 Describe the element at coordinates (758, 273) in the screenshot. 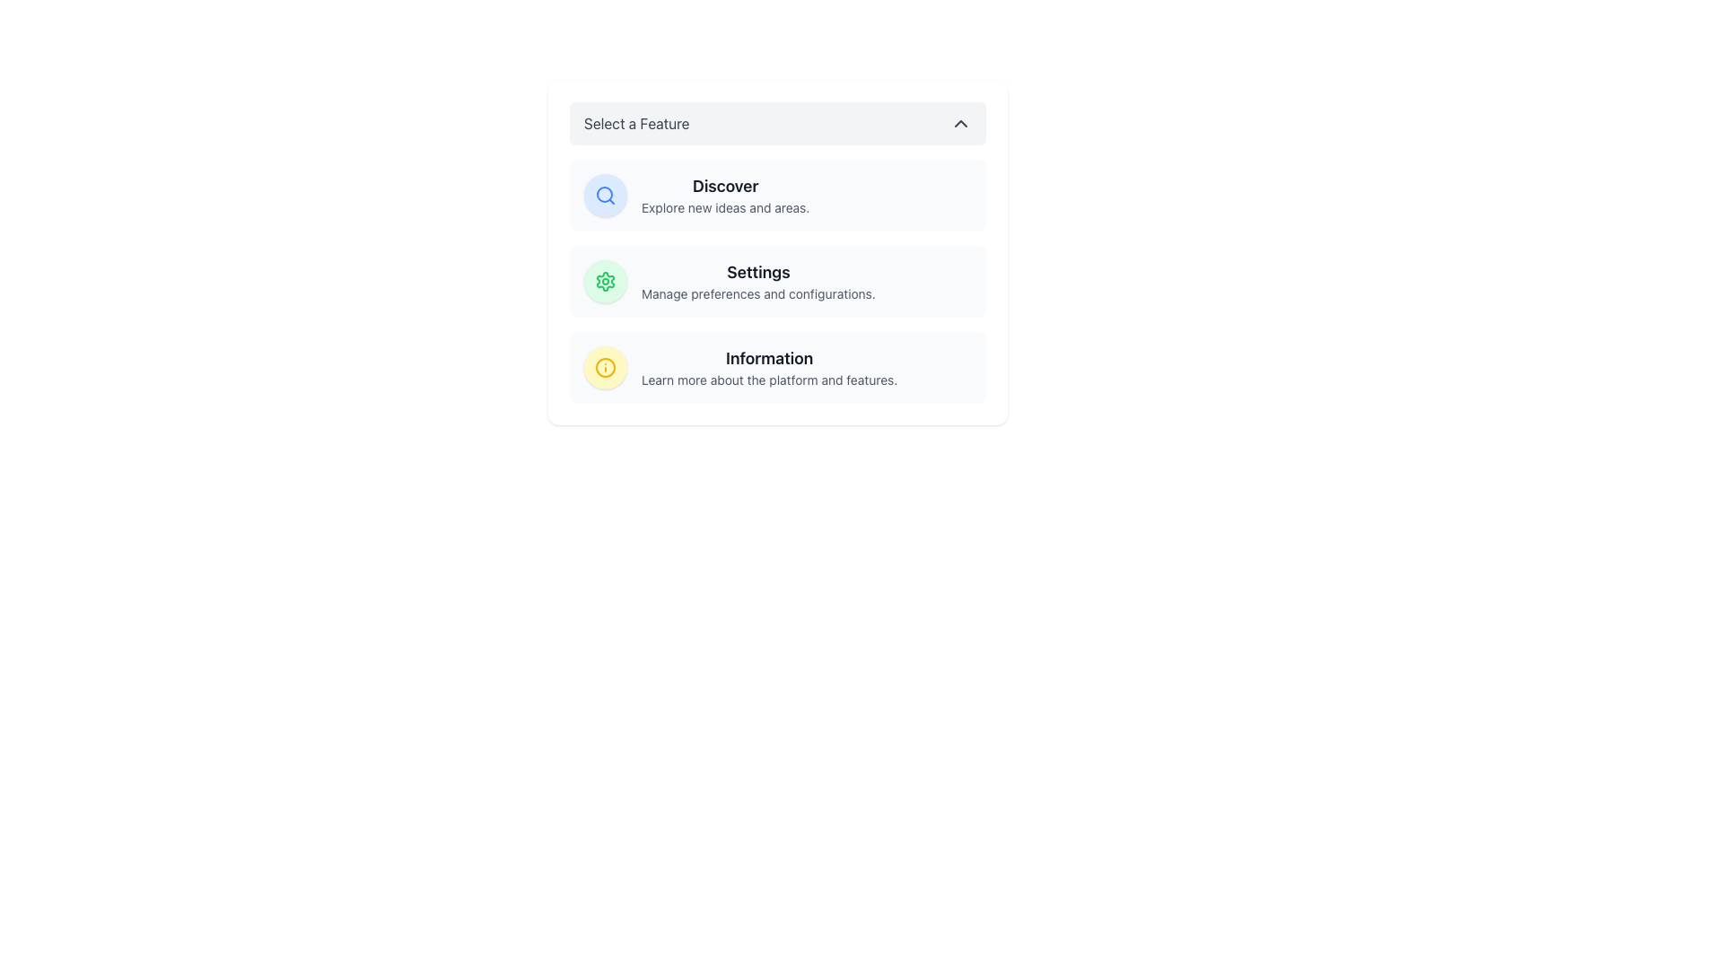

I see `the 'Settings' text label, which is bold and dark gray, located at the center of its background section` at that location.